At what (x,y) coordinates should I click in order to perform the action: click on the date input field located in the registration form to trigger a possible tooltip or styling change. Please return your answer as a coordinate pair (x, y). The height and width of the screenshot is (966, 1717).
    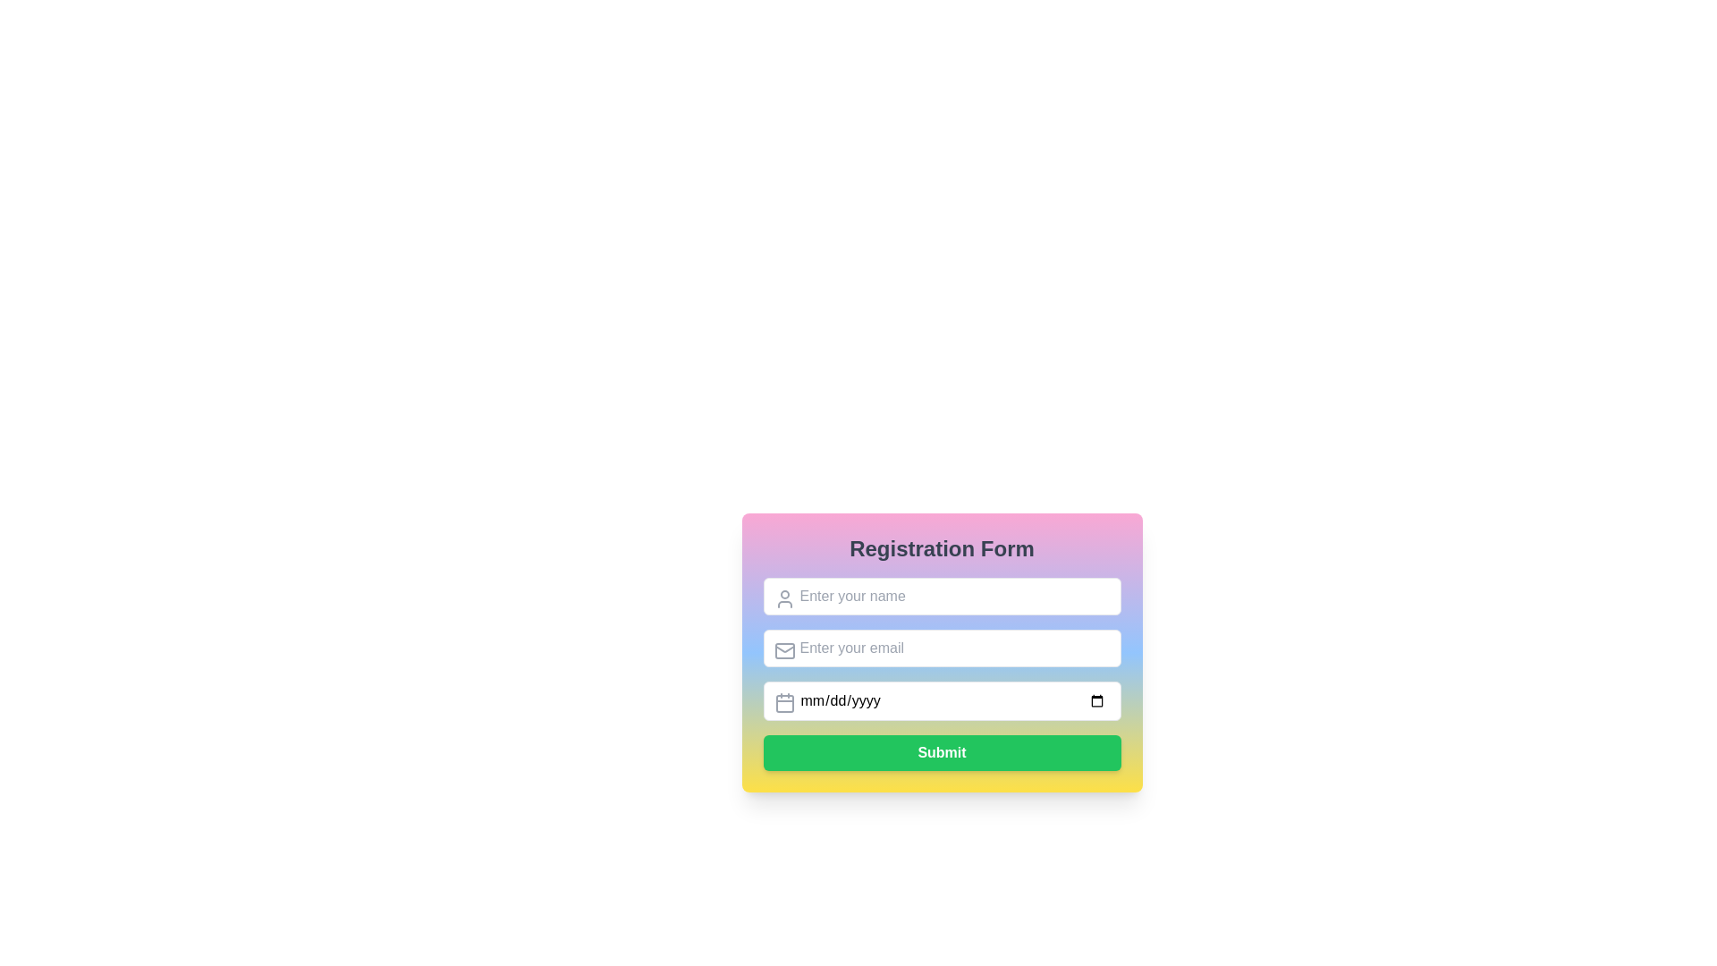
    Looking at the image, I should click on (941, 699).